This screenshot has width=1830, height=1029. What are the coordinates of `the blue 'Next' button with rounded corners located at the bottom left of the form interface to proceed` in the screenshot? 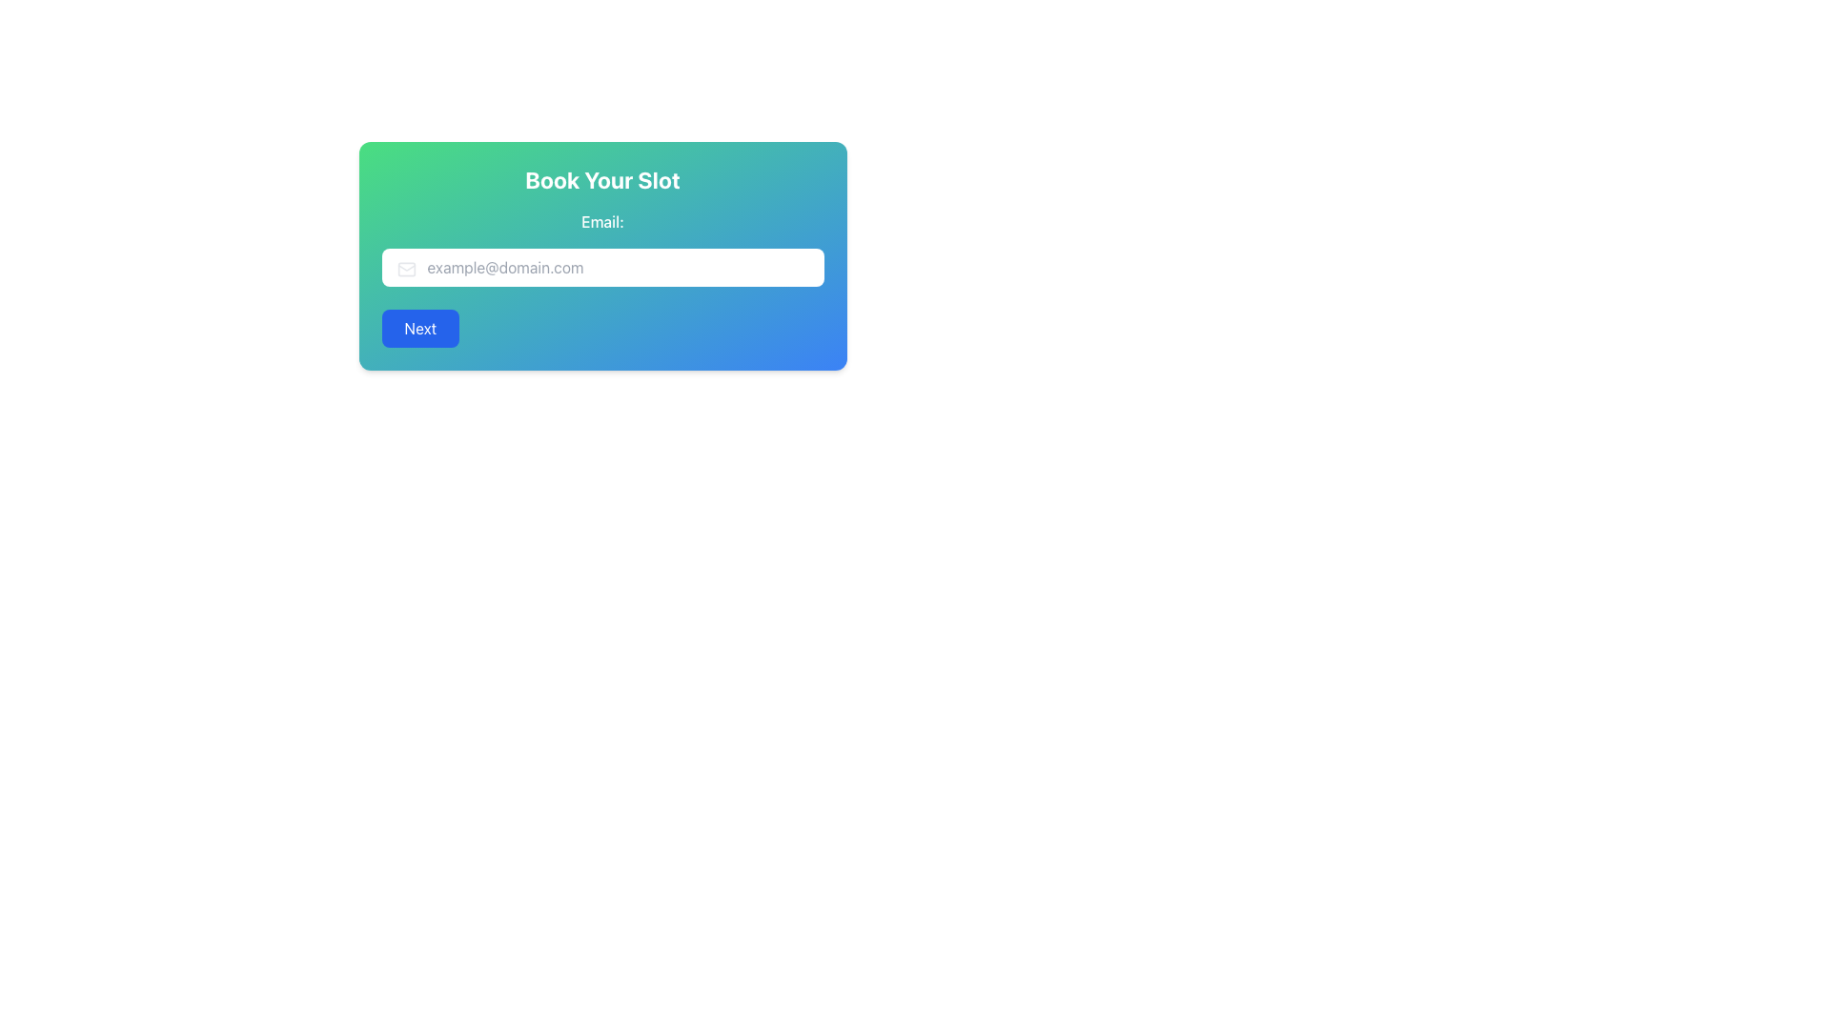 It's located at (419, 327).